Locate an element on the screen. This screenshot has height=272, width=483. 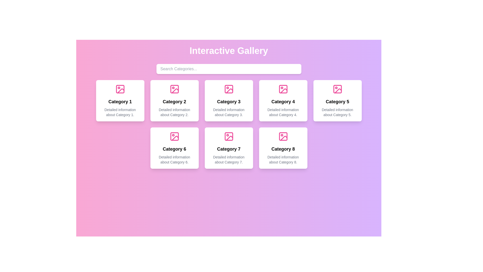
static text element containing 'Detailed information about Category 2.' located below the title 'Category 2' within the card in the grid layout is located at coordinates (174, 112).